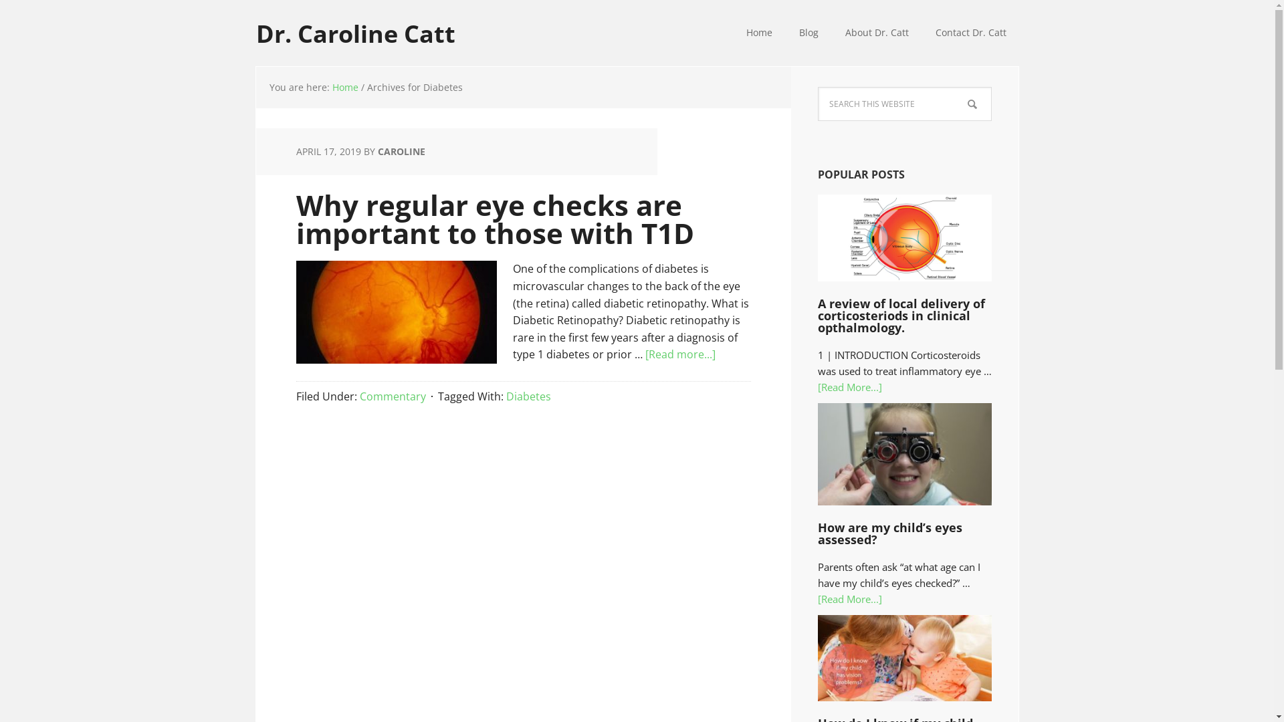  Describe the element at coordinates (400, 150) in the screenshot. I see `'CAROLINE'` at that location.